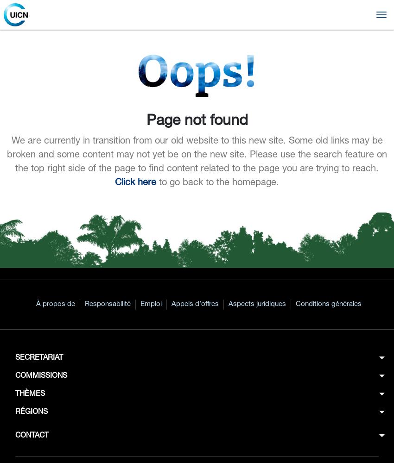 Image resolution: width=394 pixels, height=463 pixels. Describe the element at coordinates (228, 304) in the screenshot. I see `'Aspects juridiques'` at that location.